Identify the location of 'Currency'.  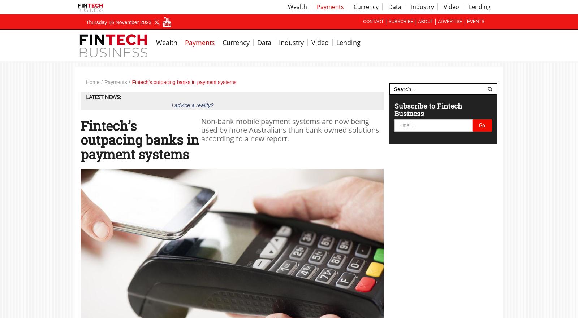
(223, 42).